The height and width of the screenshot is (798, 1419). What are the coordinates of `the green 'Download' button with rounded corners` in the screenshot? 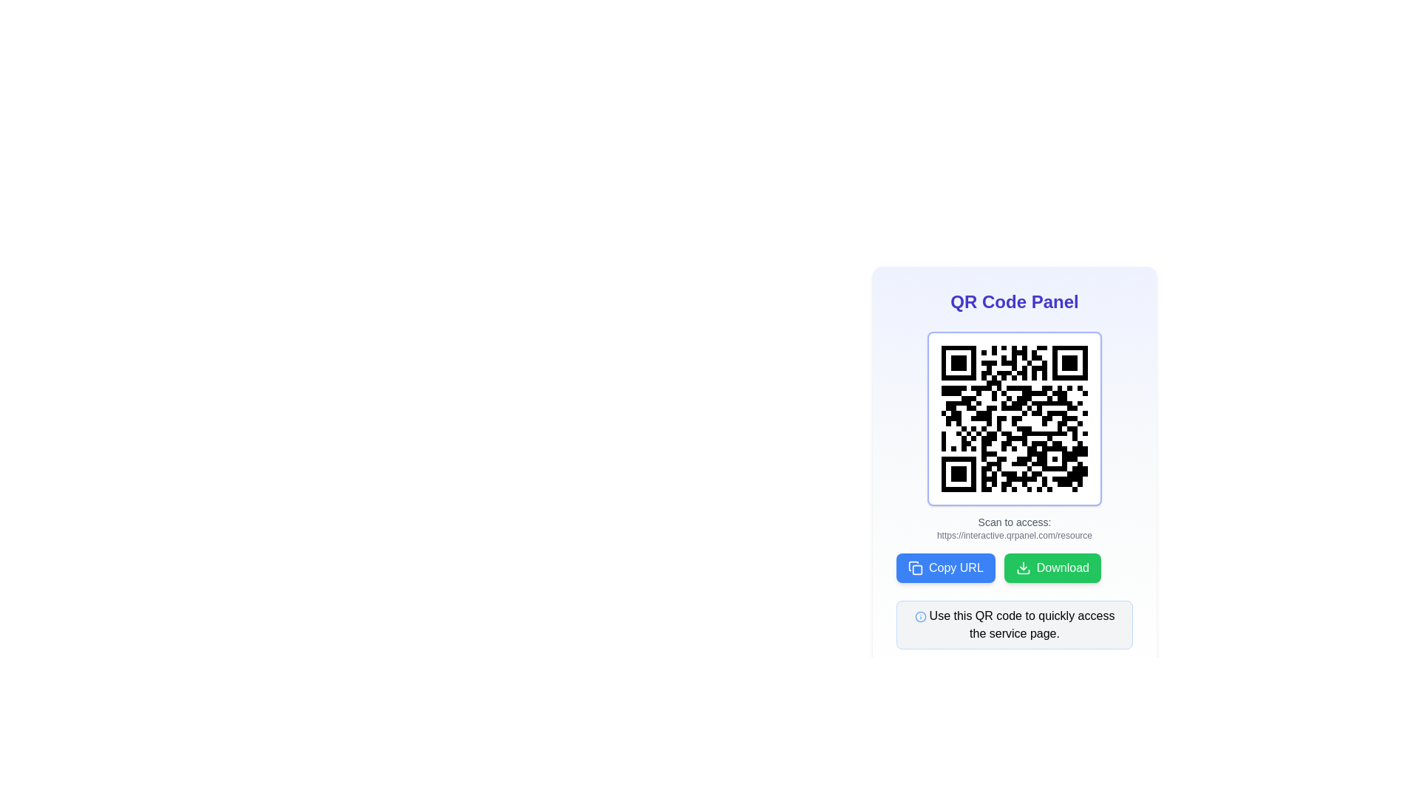 It's located at (1052, 567).